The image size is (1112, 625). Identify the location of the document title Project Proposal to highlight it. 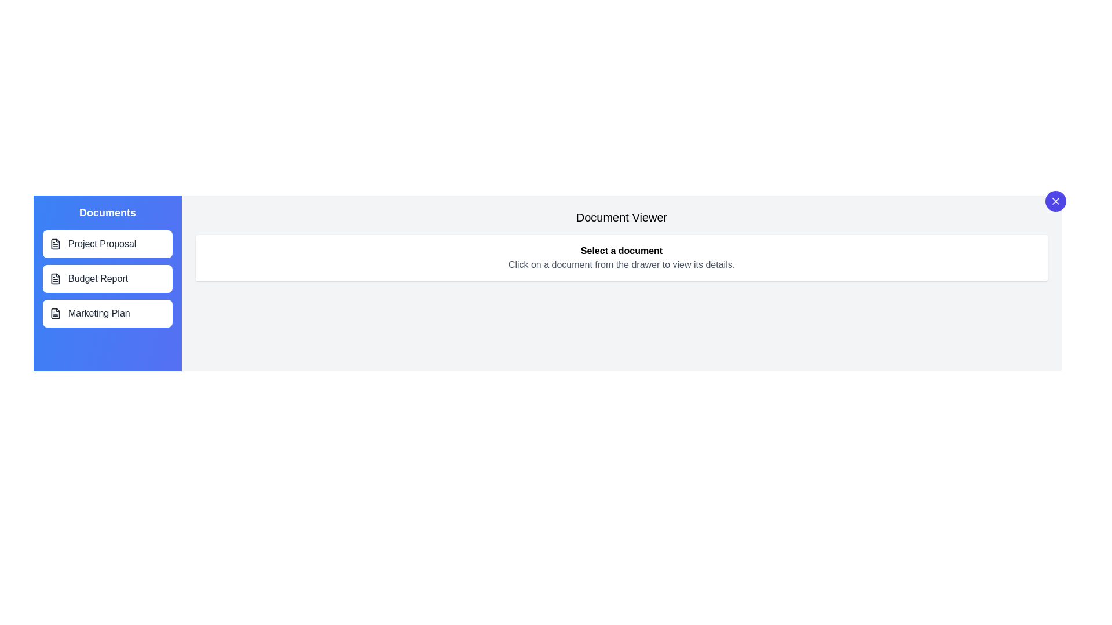
(108, 243).